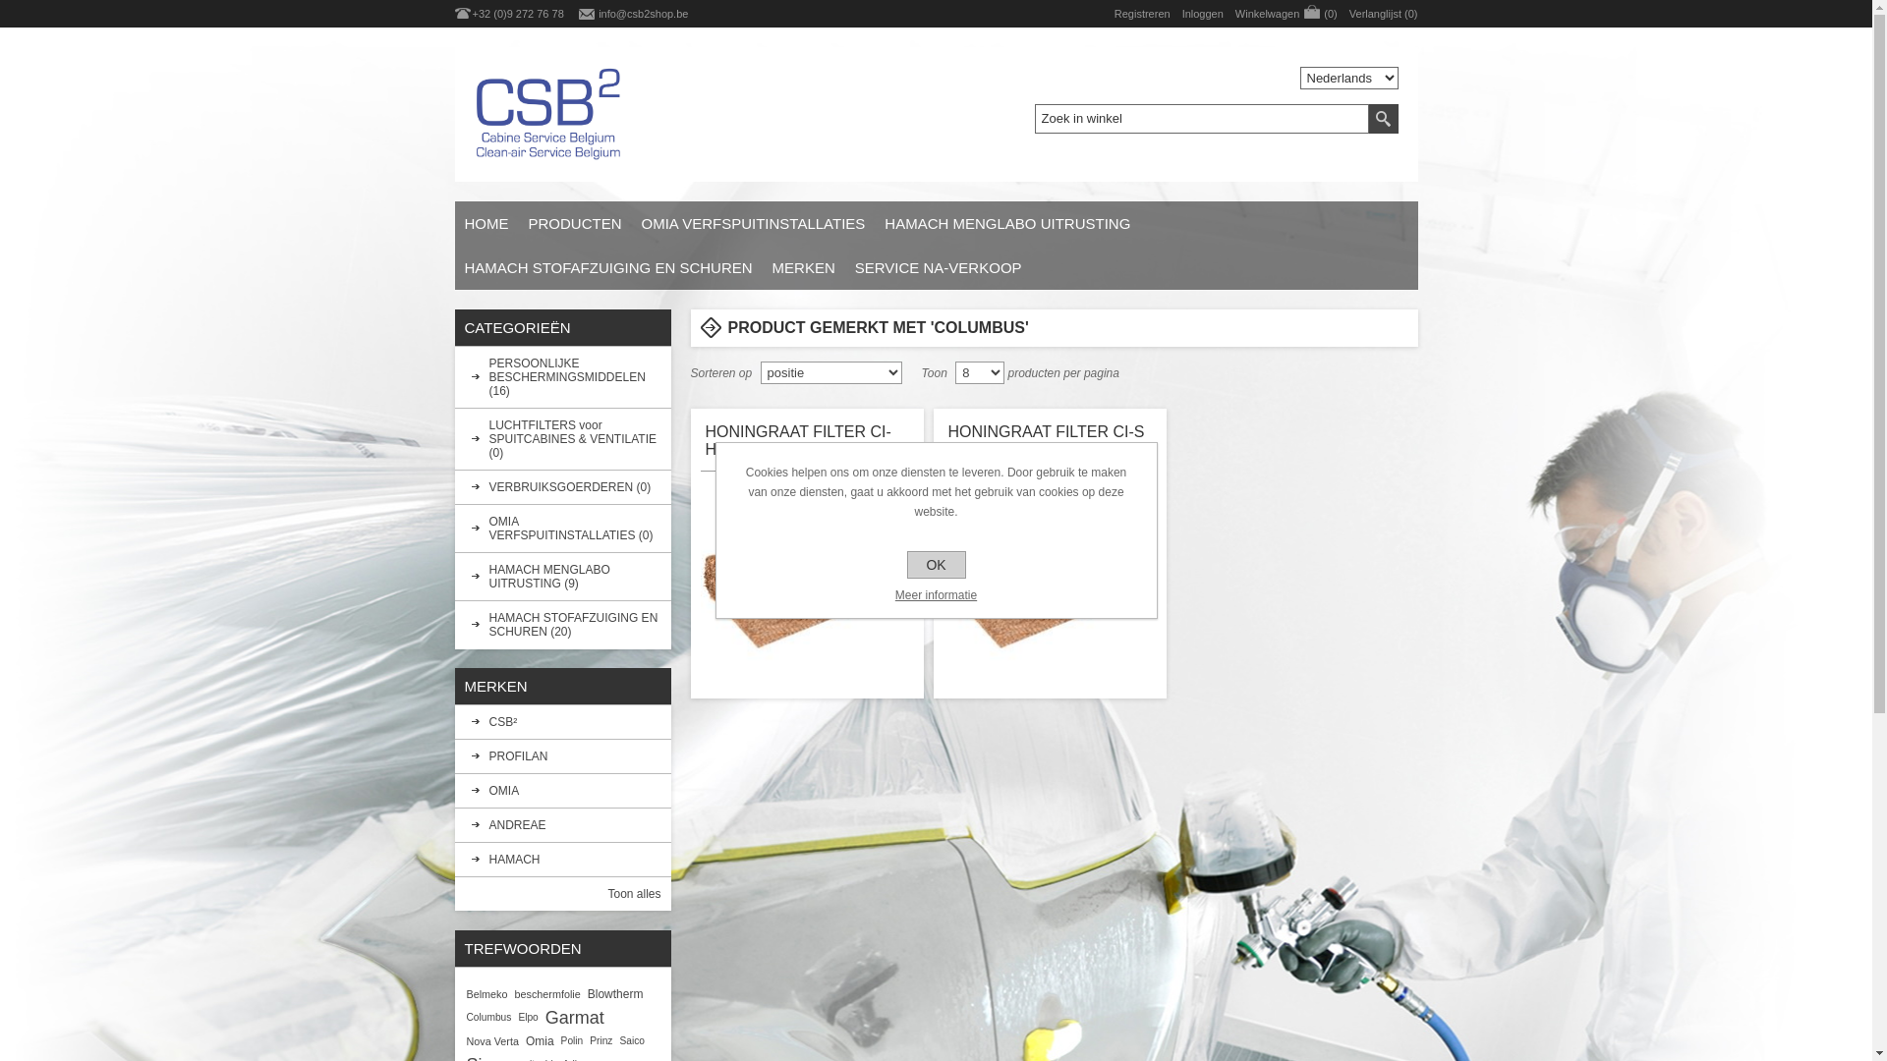 This screenshot has width=1887, height=1061. What do you see at coordinates (486, 222) in the screenshot?
I see `'HOME'` at bounding box center [486, 222].